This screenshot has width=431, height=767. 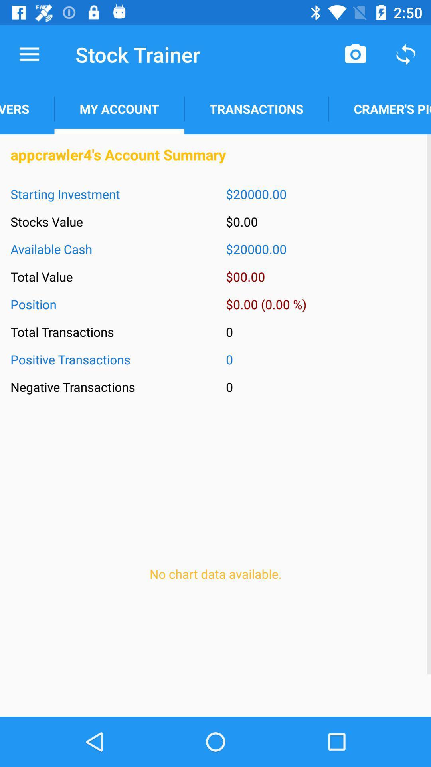 What do you see at coordinates (379, 109) in the screenshot?
I see `the cramer's picks app` at bounding box center [379, 109].